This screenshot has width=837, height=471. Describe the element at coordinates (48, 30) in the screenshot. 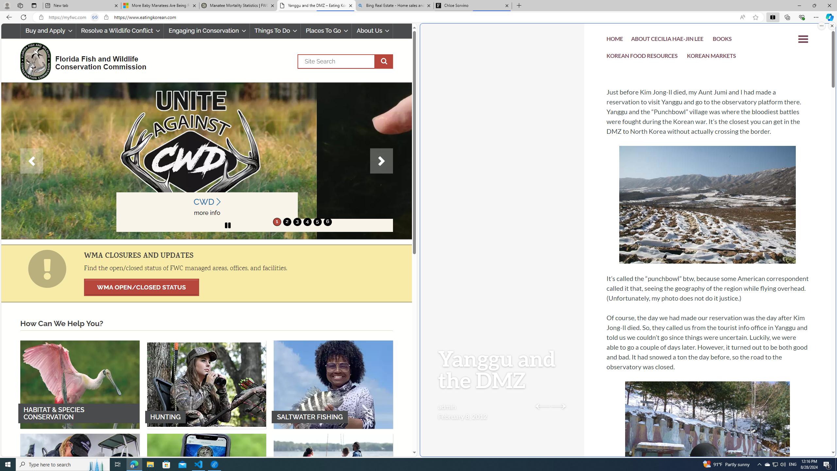

I see `'Buy and Apply'` at that location.